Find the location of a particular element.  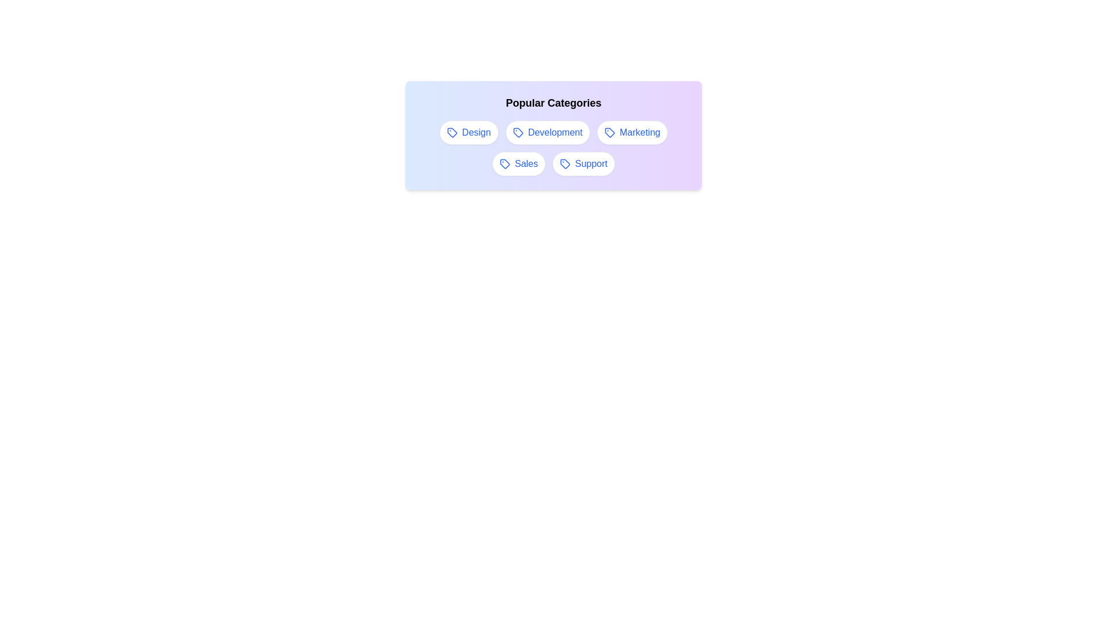

the Sales tag to select it is located at coordinates (518, 163).